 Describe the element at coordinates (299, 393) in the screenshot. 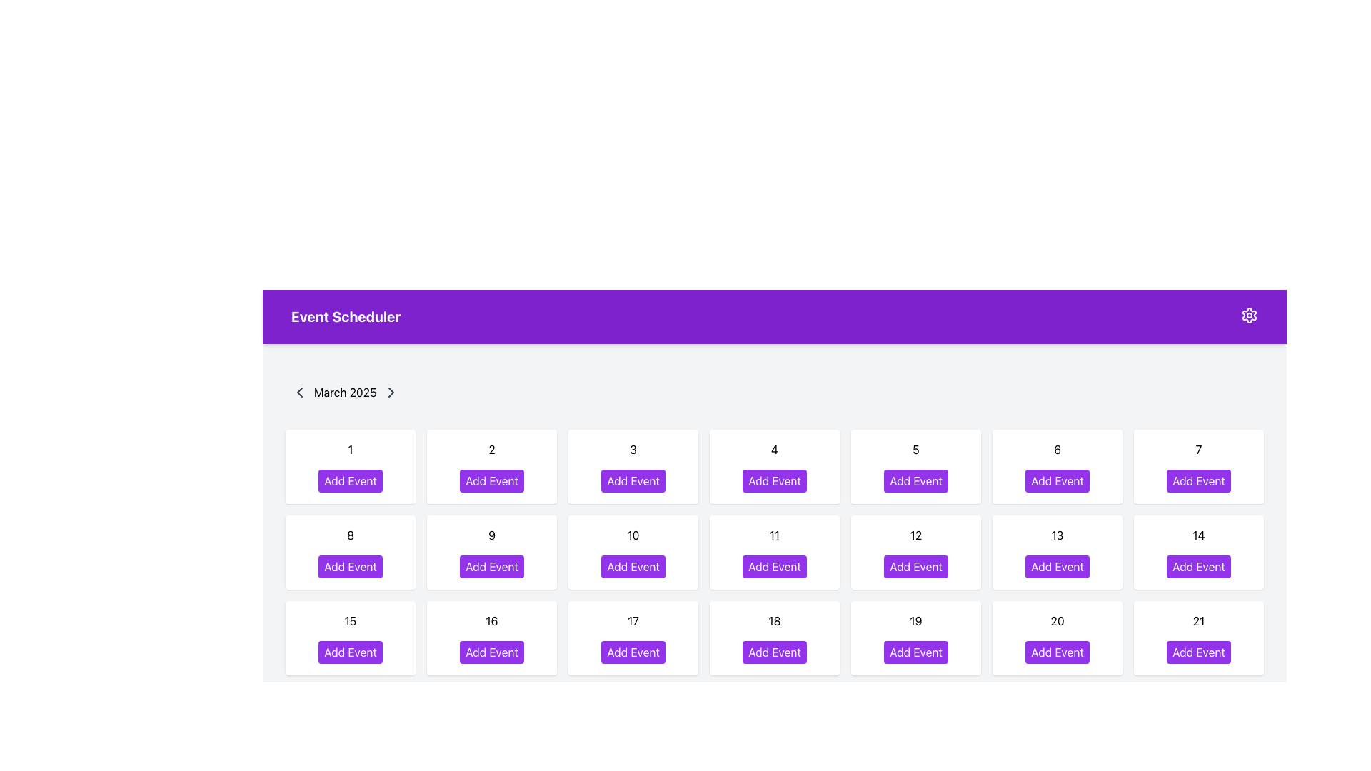

I see `the navigation button on the left side of the horizontal bar` at that location.